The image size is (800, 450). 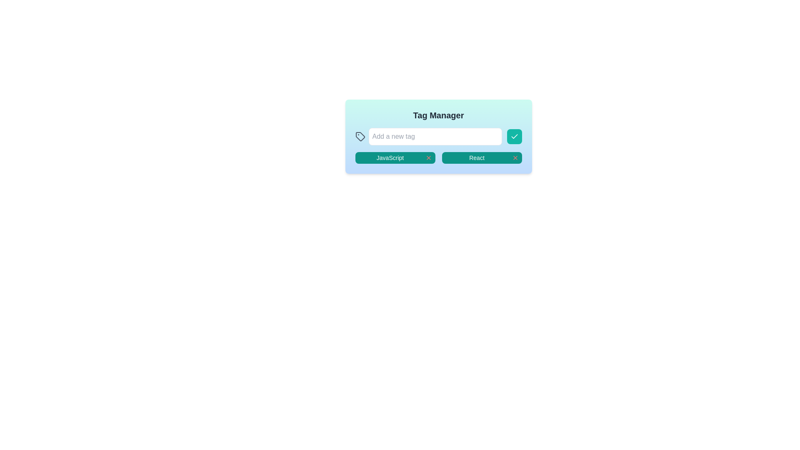 I want to click on the 'X' icon, so click(x=515, y=157).